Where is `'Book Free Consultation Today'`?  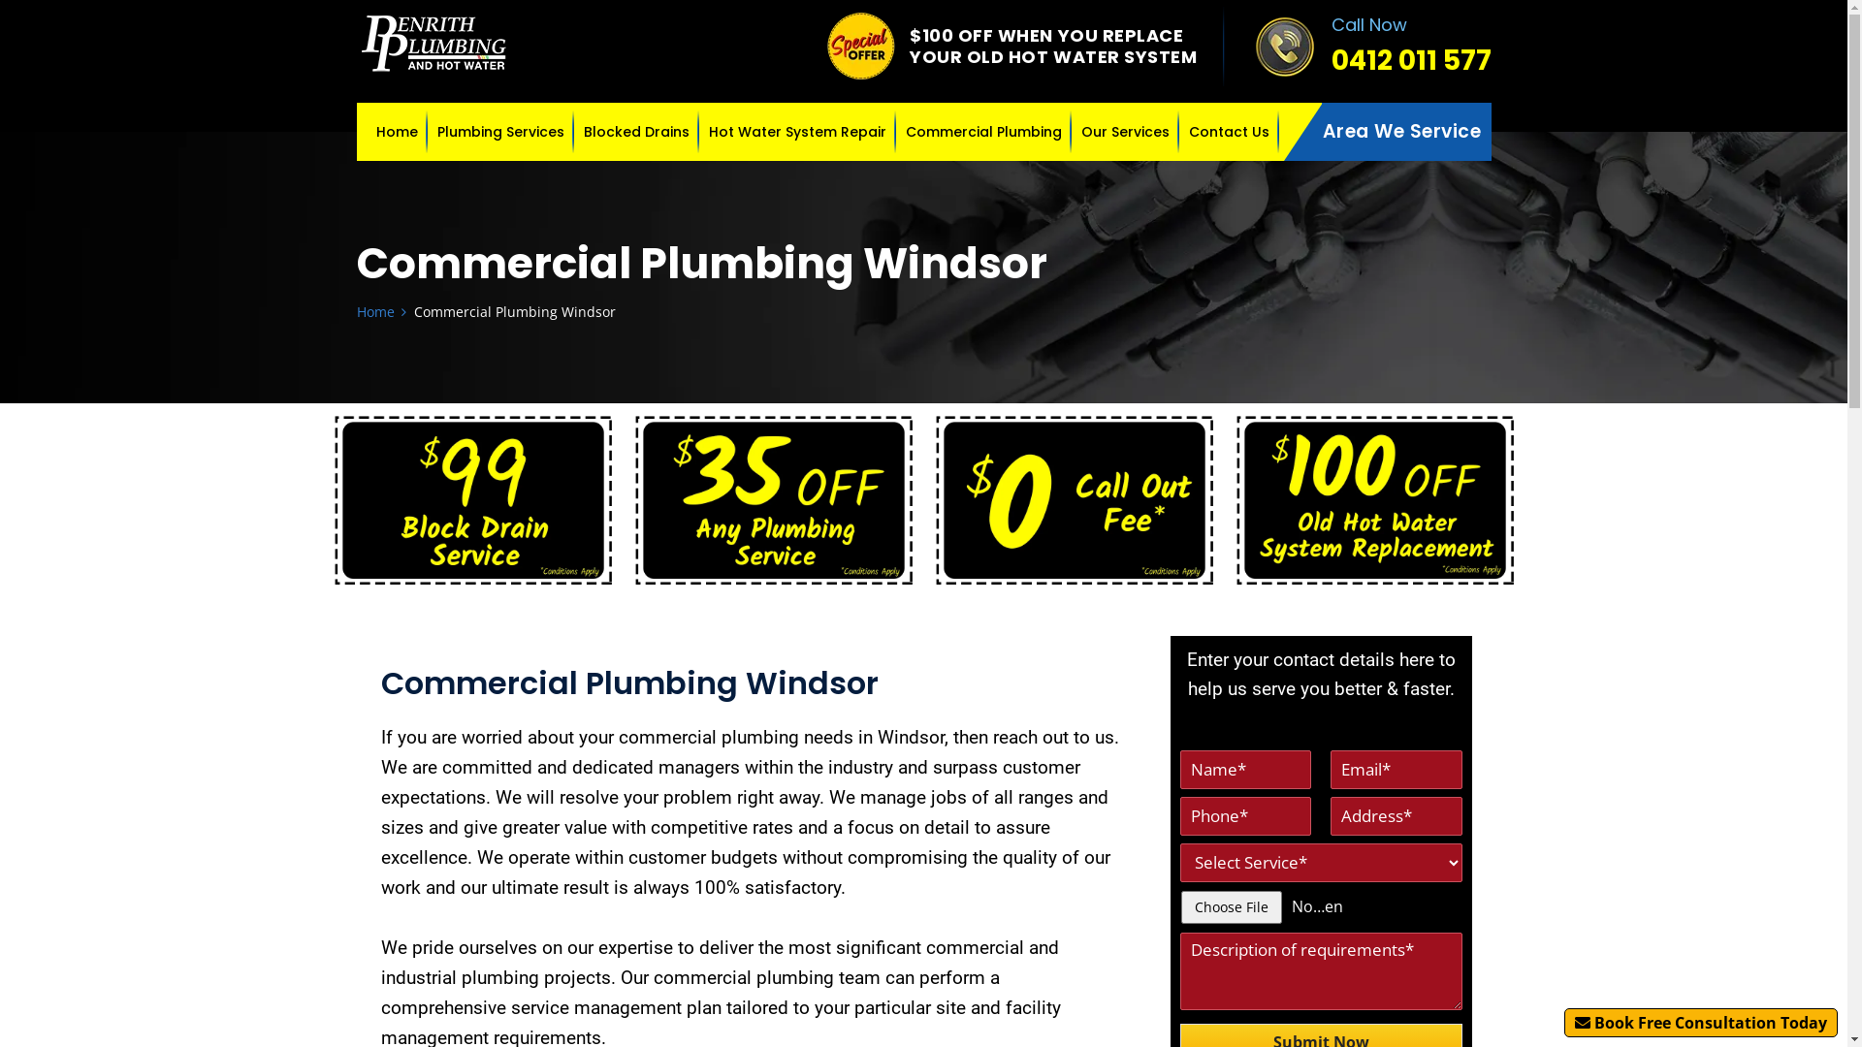
'Book Free Consultation Today' is located at coordinates (1699, 1022).